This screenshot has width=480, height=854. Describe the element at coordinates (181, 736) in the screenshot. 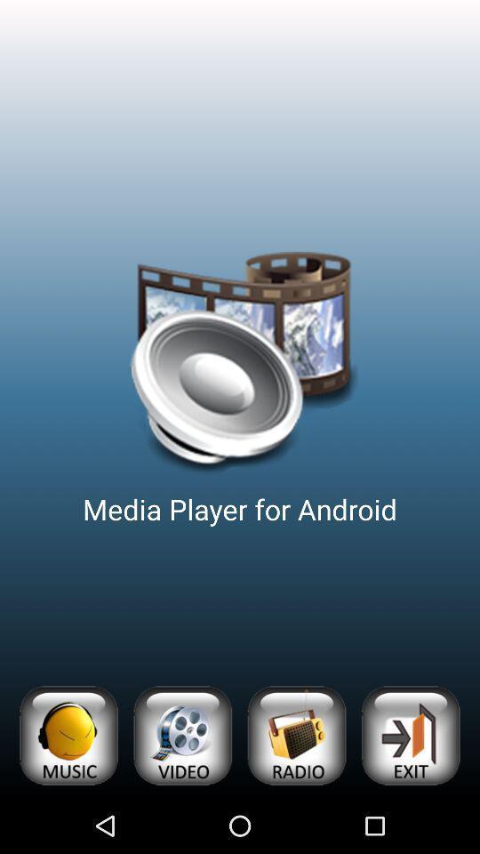

I see `app below the media player for` at that location.